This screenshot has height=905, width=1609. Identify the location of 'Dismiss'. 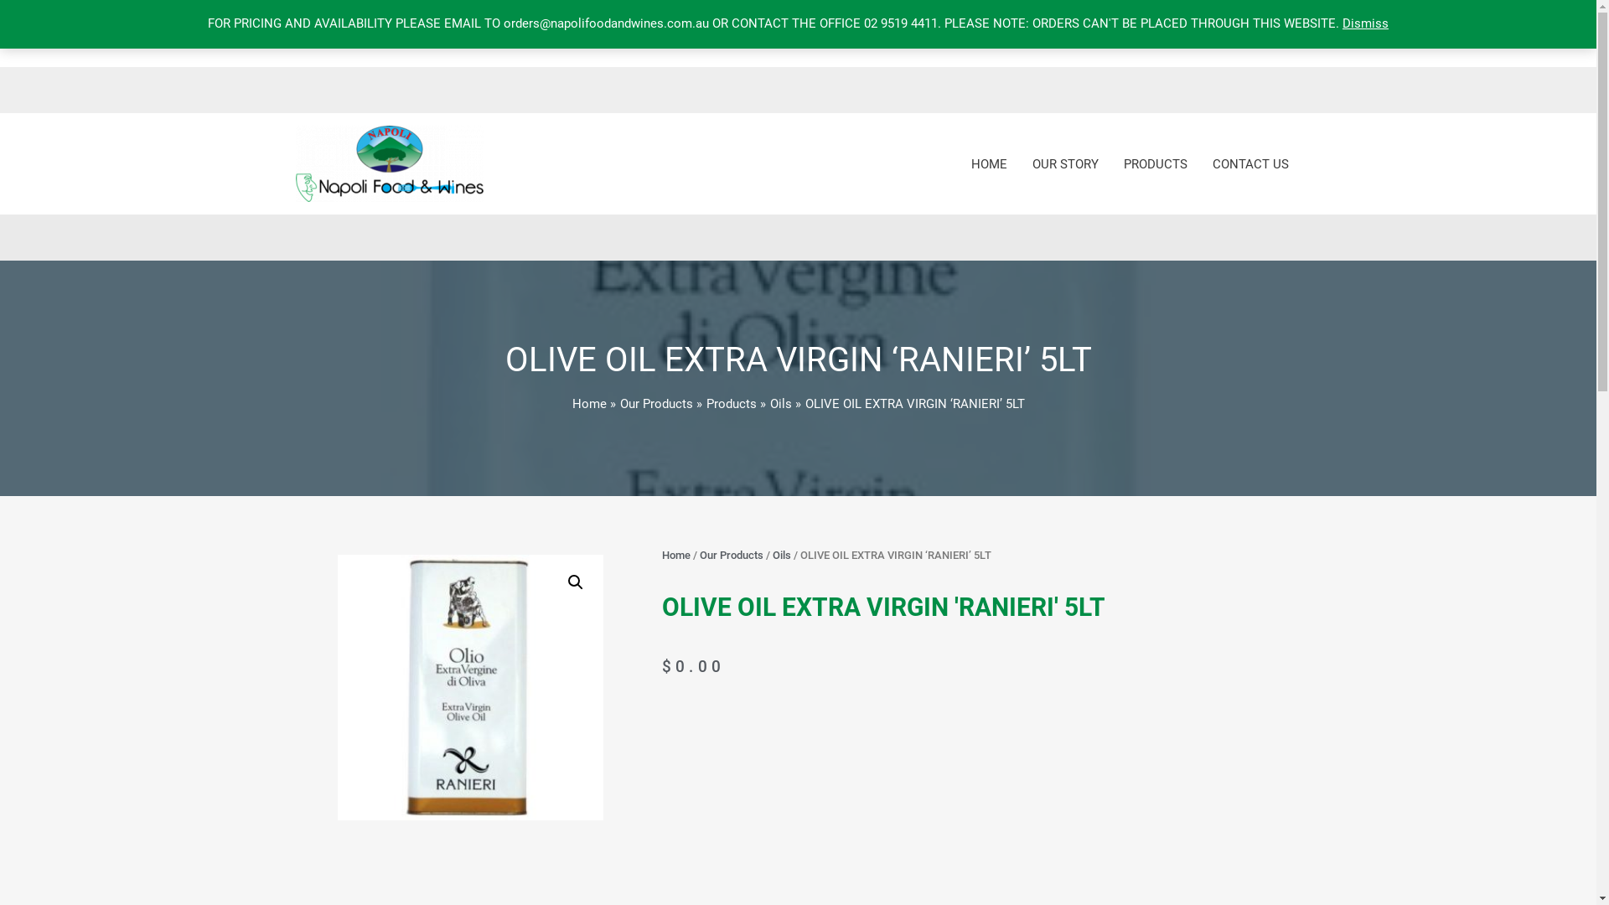
(1365, 23).